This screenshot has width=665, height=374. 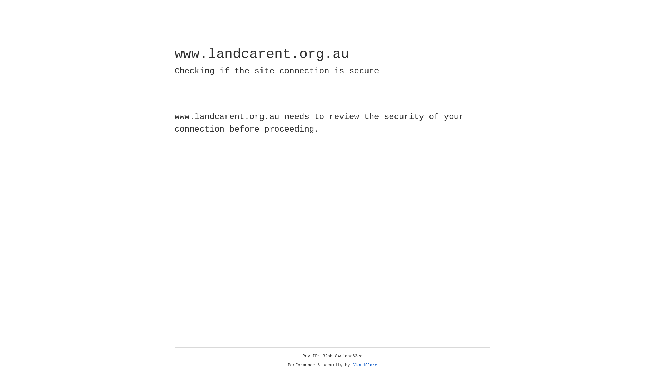 What do you see at coordinates (365, 365) in the screenshot?
I see `'Cloudflare'` at bounding box center [365, 365].